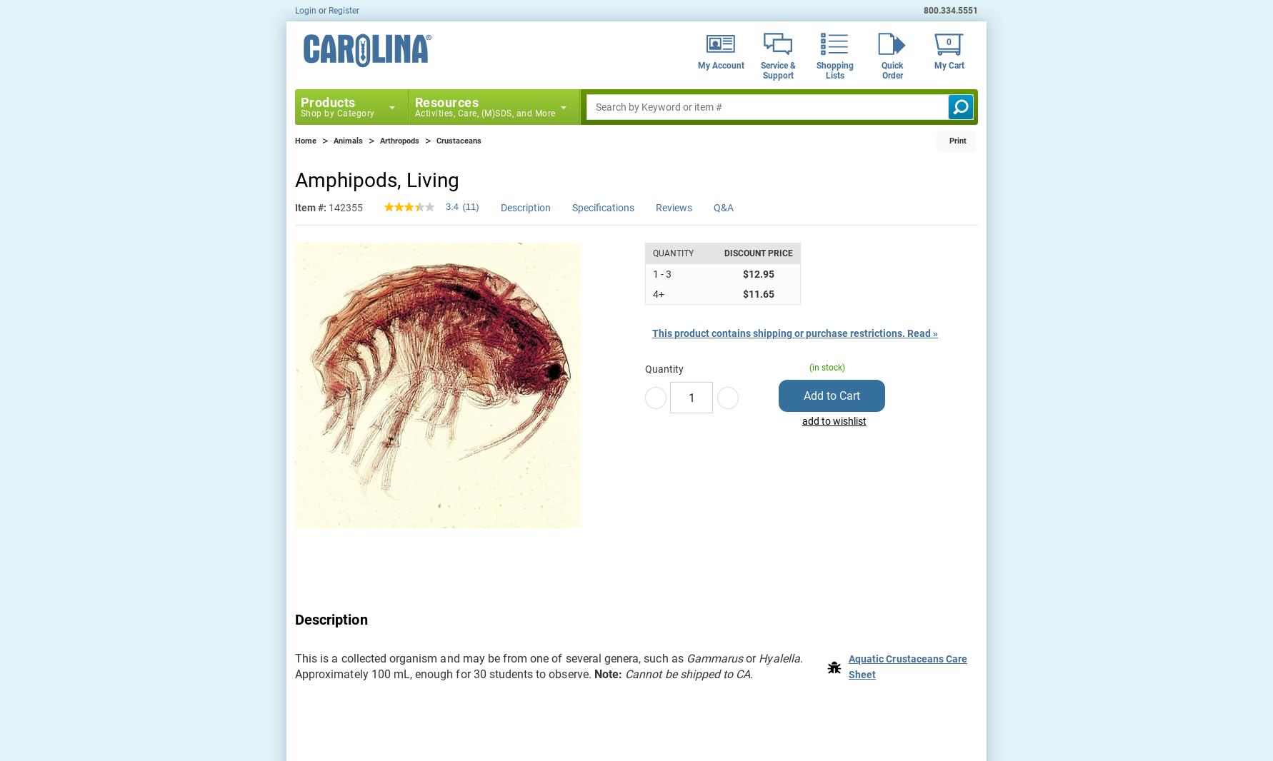 The width and height of the screenshot is (1273, 761). Describe the element at coordinates (950, 10) in the screenshot. I see `'800.334.5551'` at that location.